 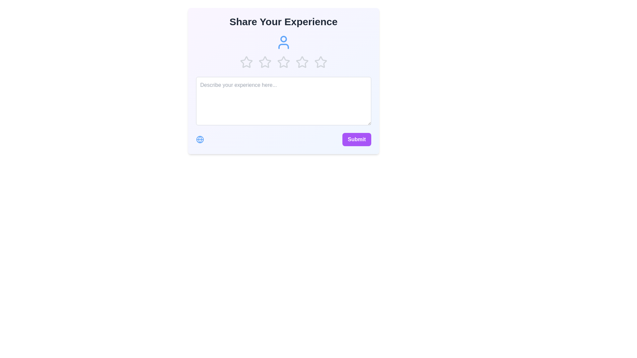 What do you see at coordinates (283, 62) in the screenshot?
I see `the third star in the interactive rating icon to trigger a visual change` at bounding box center [283, 62].